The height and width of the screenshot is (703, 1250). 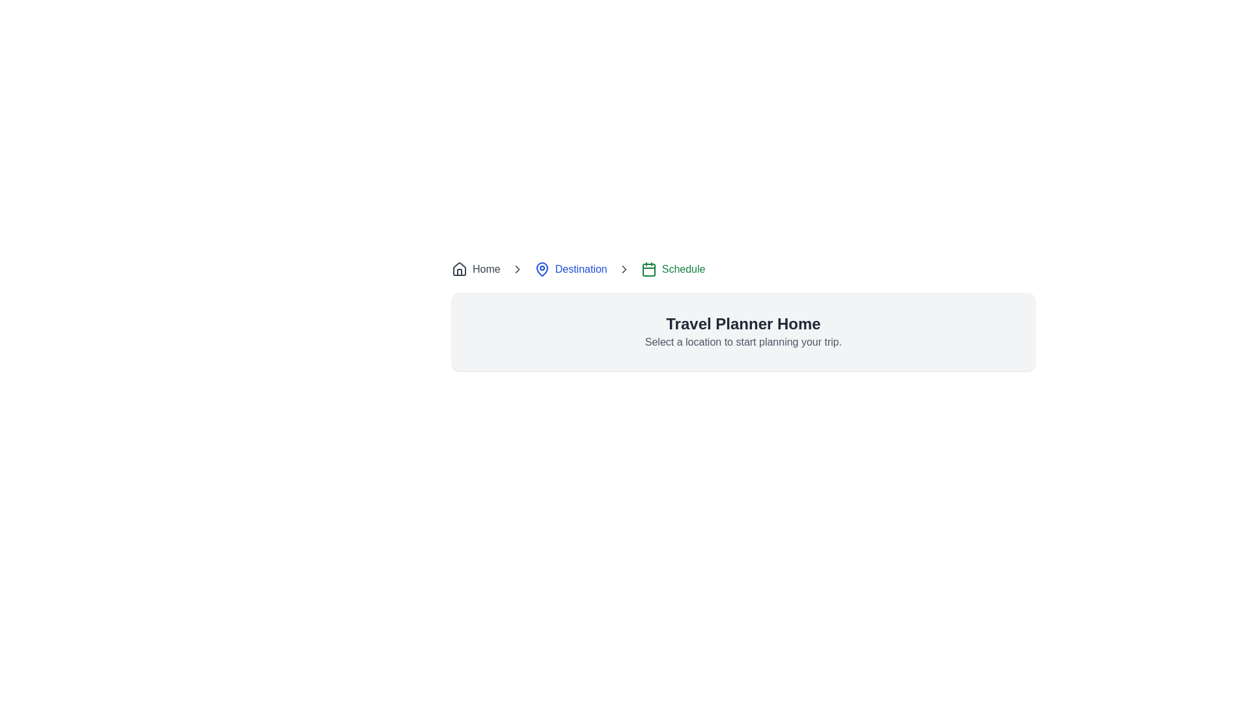 What do you see at coordinates (743, 323) in the screenshot?
I see `the header titled 'Travel Planner Home', which is centrally located beneath the breadcrumb navigation bar and above the descriptive text` at bounding box center [743, 323].